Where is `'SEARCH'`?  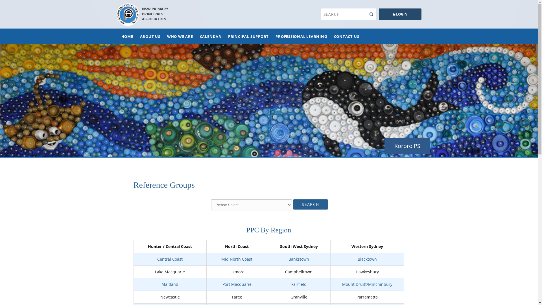 'SEARCH' is located at coordinates (310, 204).